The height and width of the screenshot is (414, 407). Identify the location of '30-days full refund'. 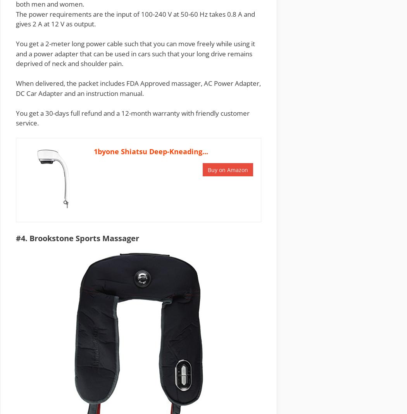
(73, 113).